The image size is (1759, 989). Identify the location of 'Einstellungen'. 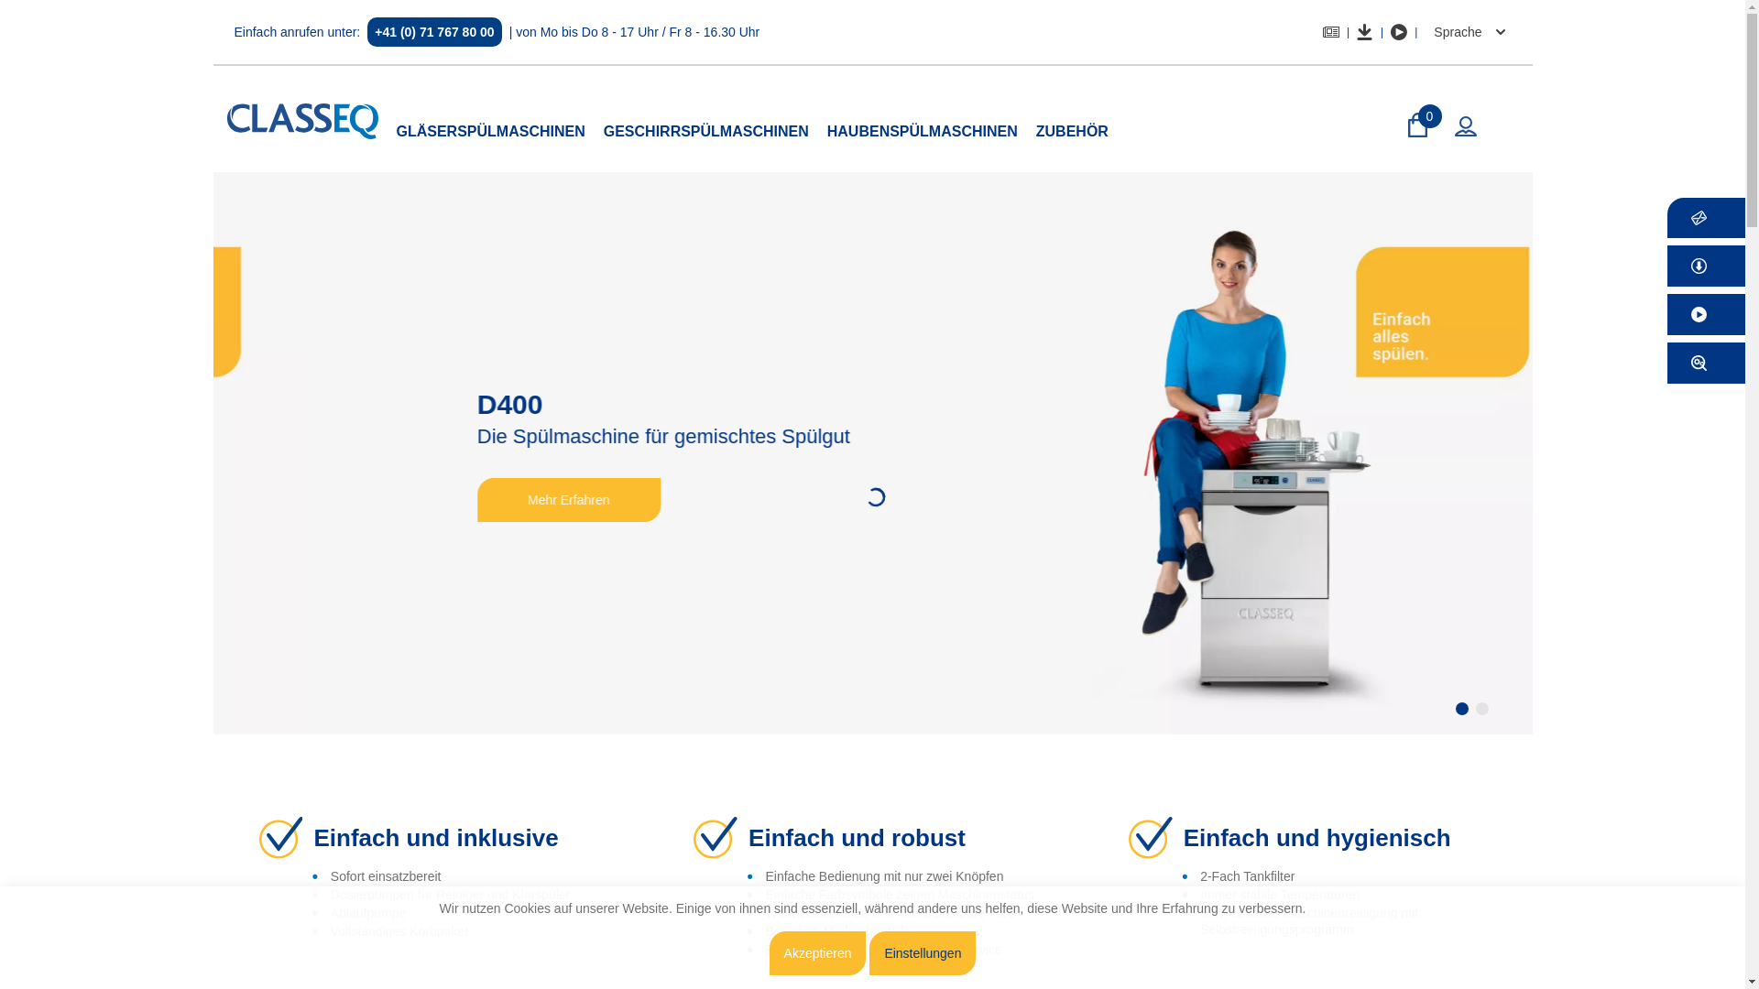
(869, 952).